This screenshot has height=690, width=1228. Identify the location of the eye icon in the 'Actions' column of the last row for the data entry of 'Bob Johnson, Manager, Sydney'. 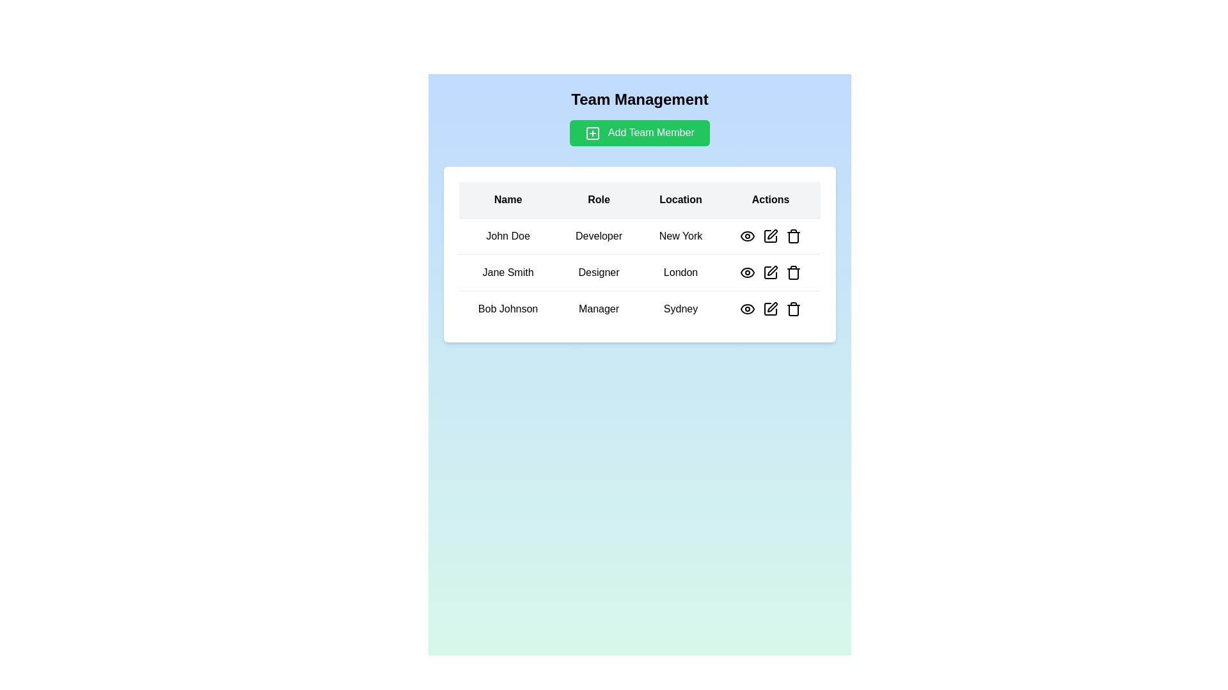
(769, 309).